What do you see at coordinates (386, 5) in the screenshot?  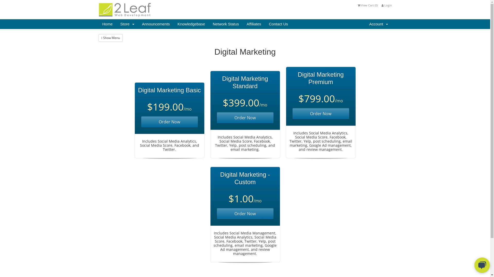 I see `'Login'` at bounding box center [386, 5].